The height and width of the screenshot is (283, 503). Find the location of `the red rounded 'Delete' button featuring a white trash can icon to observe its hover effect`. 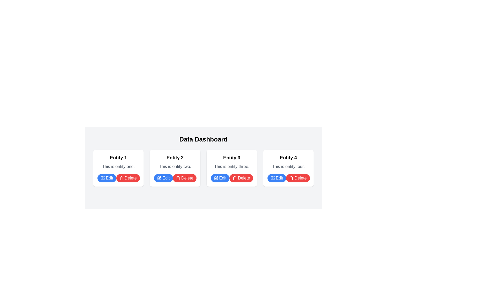

the red rounded 'Delete' button featuring a white trash can icon to observe its hover effect is located at coordinates (128, 178).